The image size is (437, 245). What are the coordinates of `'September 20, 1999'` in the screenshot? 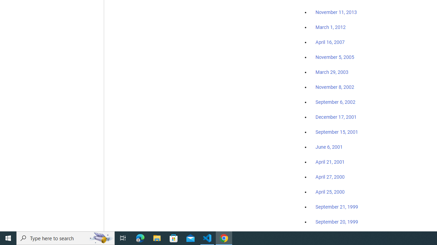 It's located at (337, 222).